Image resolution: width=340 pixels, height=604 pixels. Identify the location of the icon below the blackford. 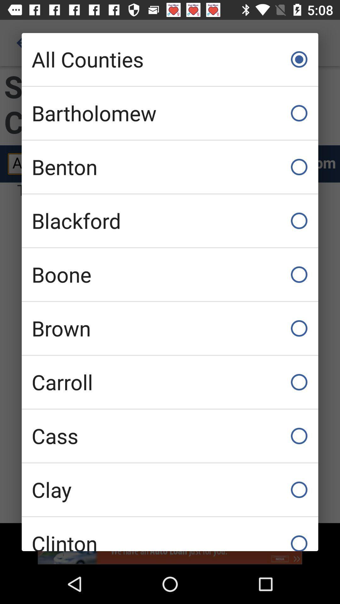
(170, 275).